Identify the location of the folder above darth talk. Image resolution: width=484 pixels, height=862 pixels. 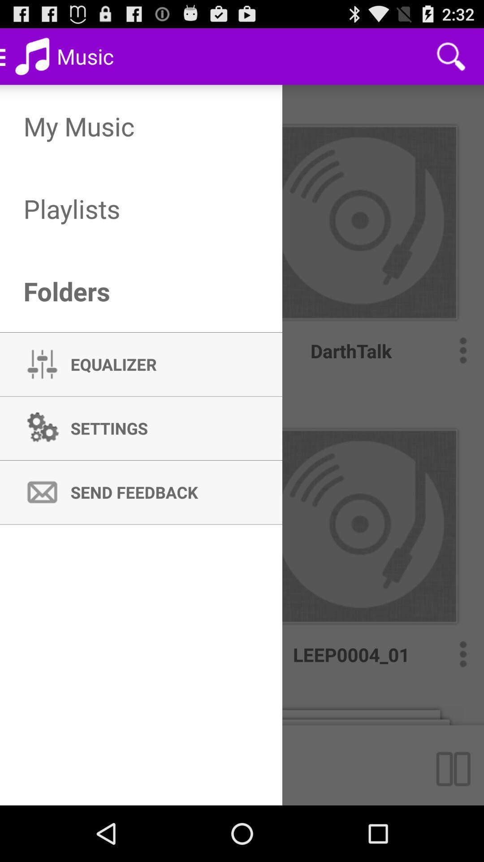
(360, 208).